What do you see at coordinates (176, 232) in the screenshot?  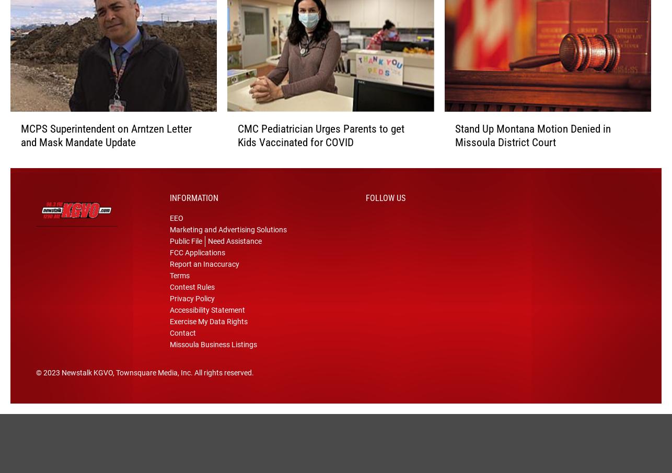 I see `'EEO'` at bounding box center [176, 232].